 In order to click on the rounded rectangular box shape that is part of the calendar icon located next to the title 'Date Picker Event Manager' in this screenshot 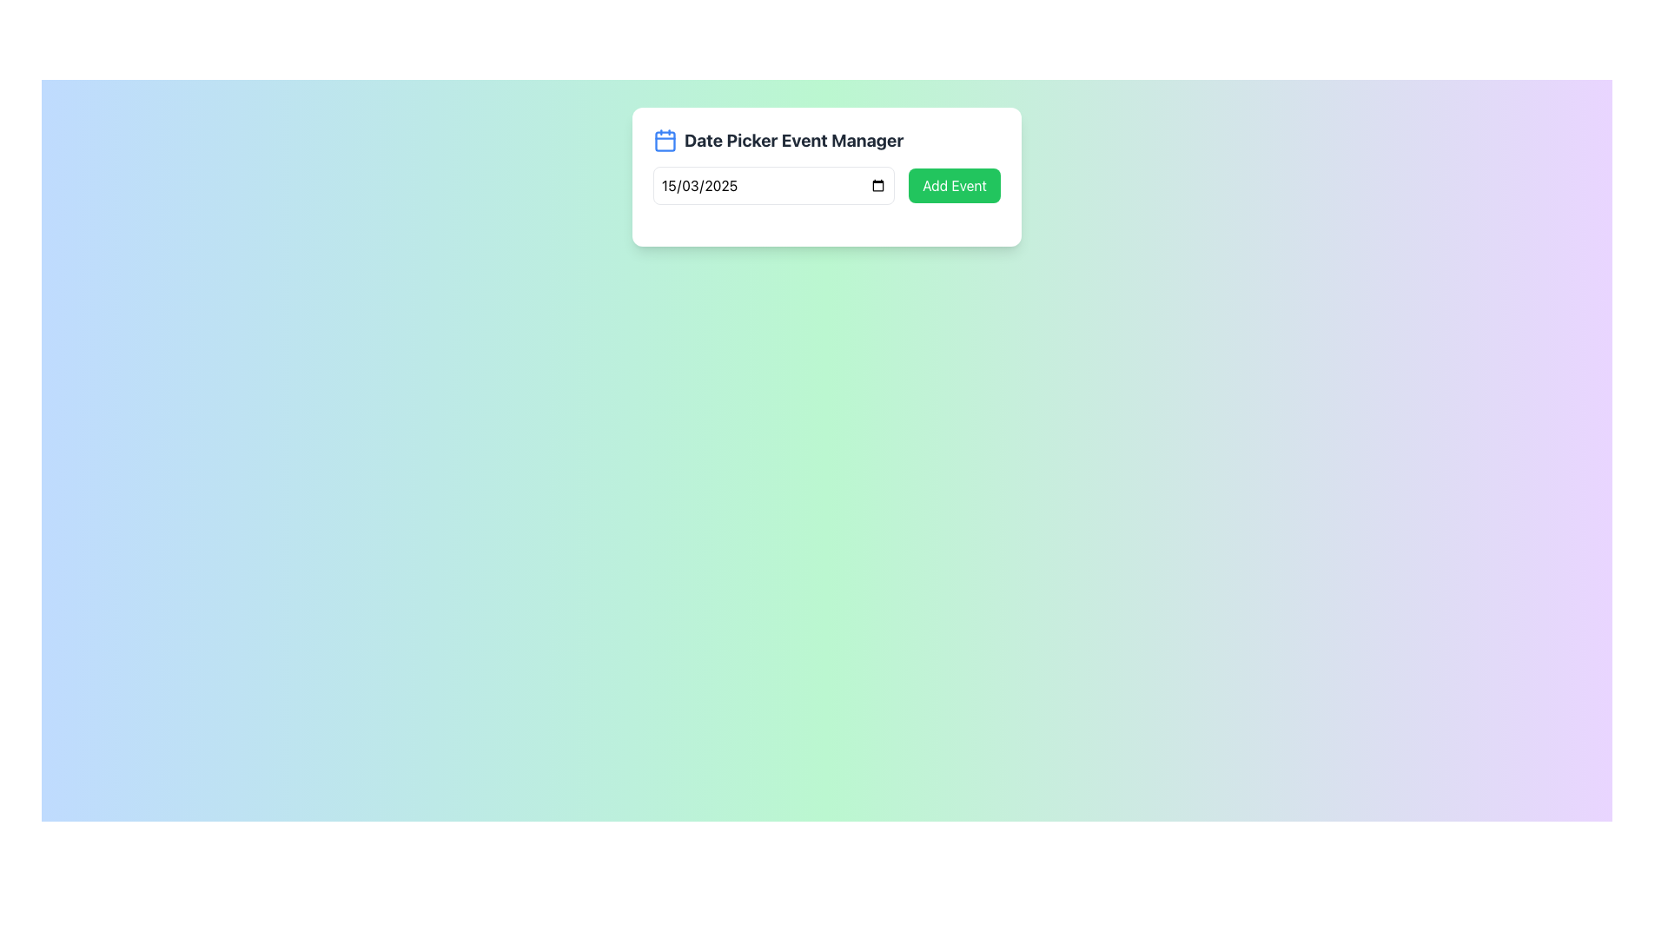, I will do `click(665, 140)`.